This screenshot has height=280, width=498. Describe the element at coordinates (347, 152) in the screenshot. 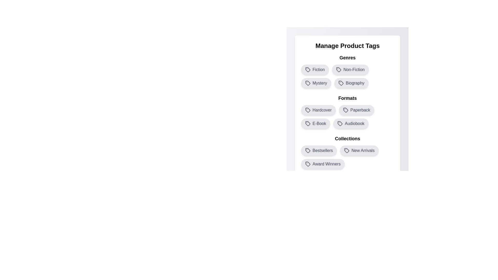

I see `the 'New Arrivals' button located in the 'Collections' section` at that location.